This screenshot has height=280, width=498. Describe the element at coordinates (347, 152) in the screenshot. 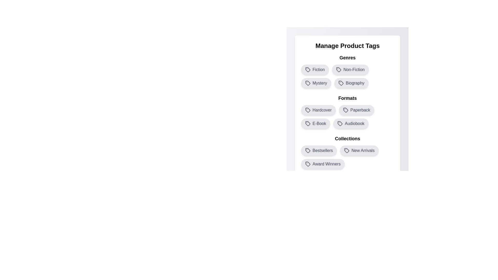

I see `the 'New Arrivals' button located in the 'Collections' section` at that location.